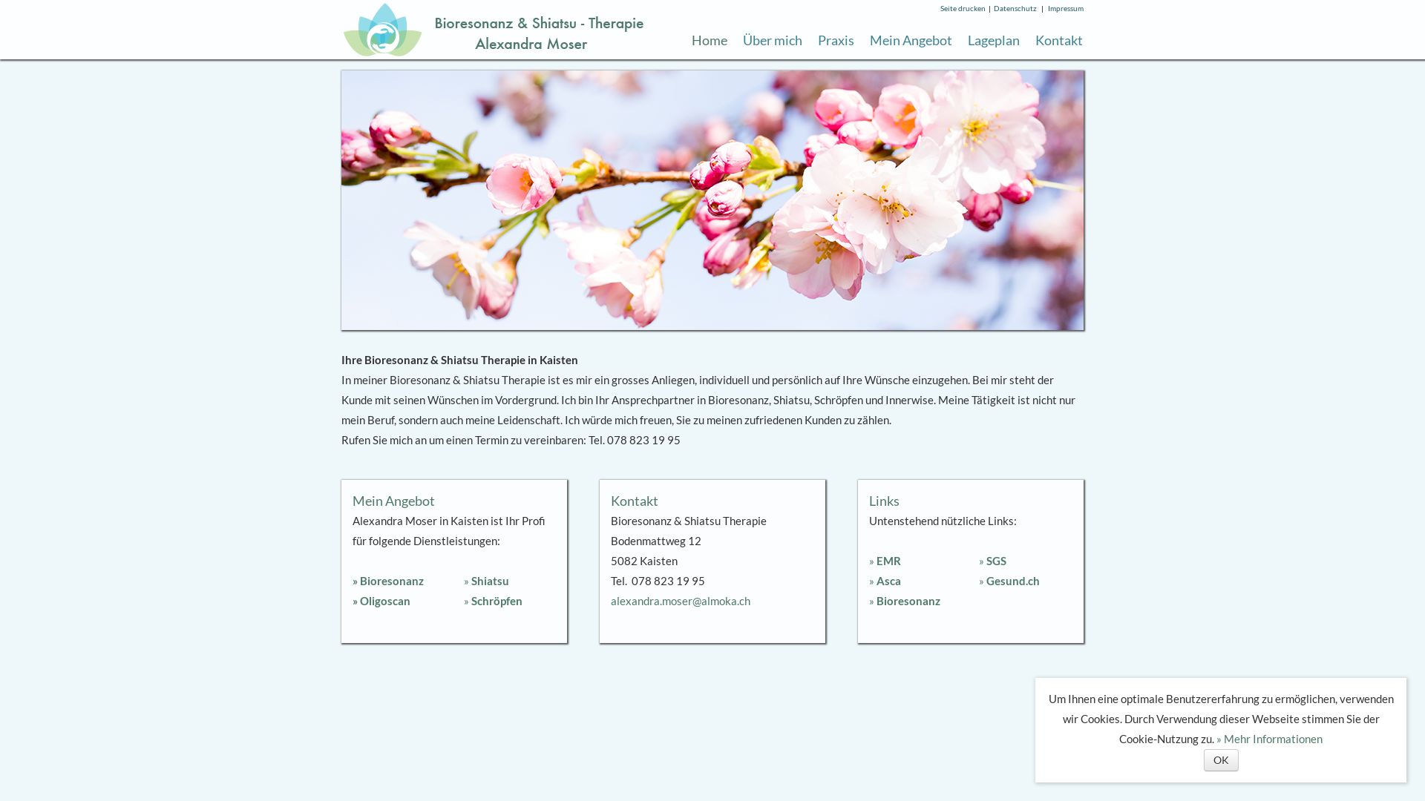 The width and height of the screenshot is (1425, 801). What do you see at coordinates (1046, 8) in the screenshot?
I see `'Impressum'` at bounding box center [1046, 8].